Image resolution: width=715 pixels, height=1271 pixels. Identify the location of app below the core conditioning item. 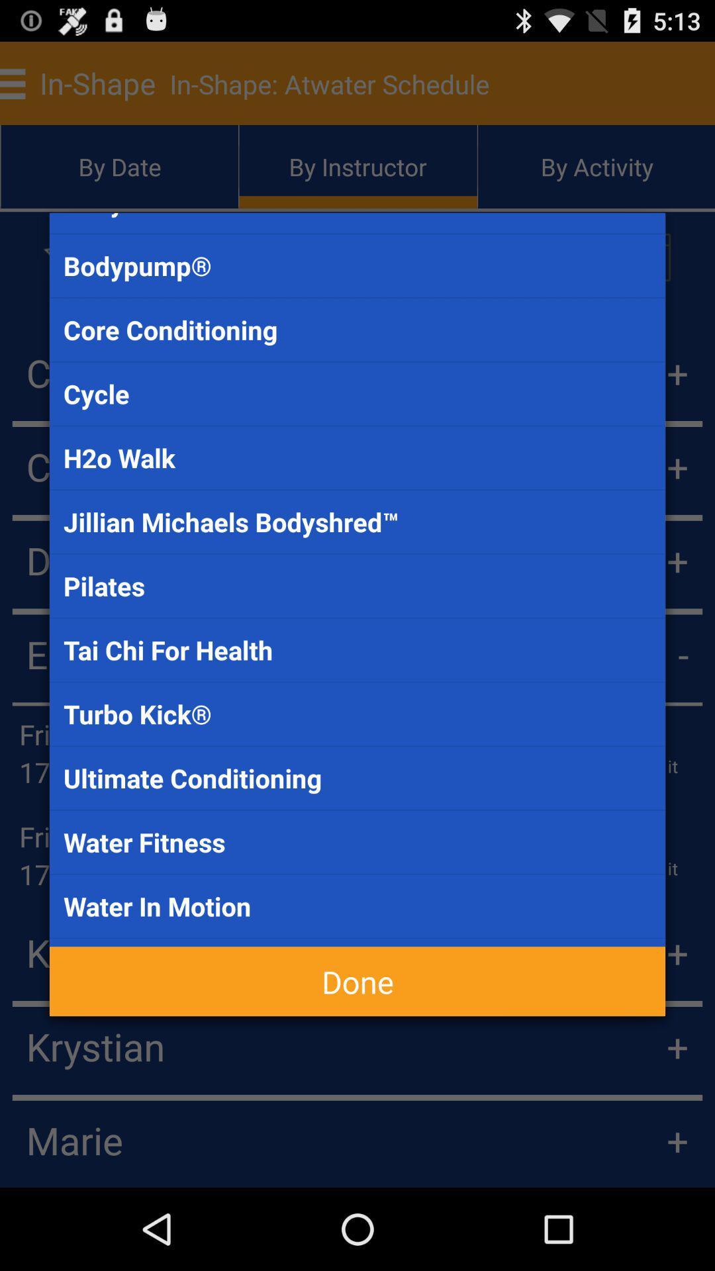
(358, 393).